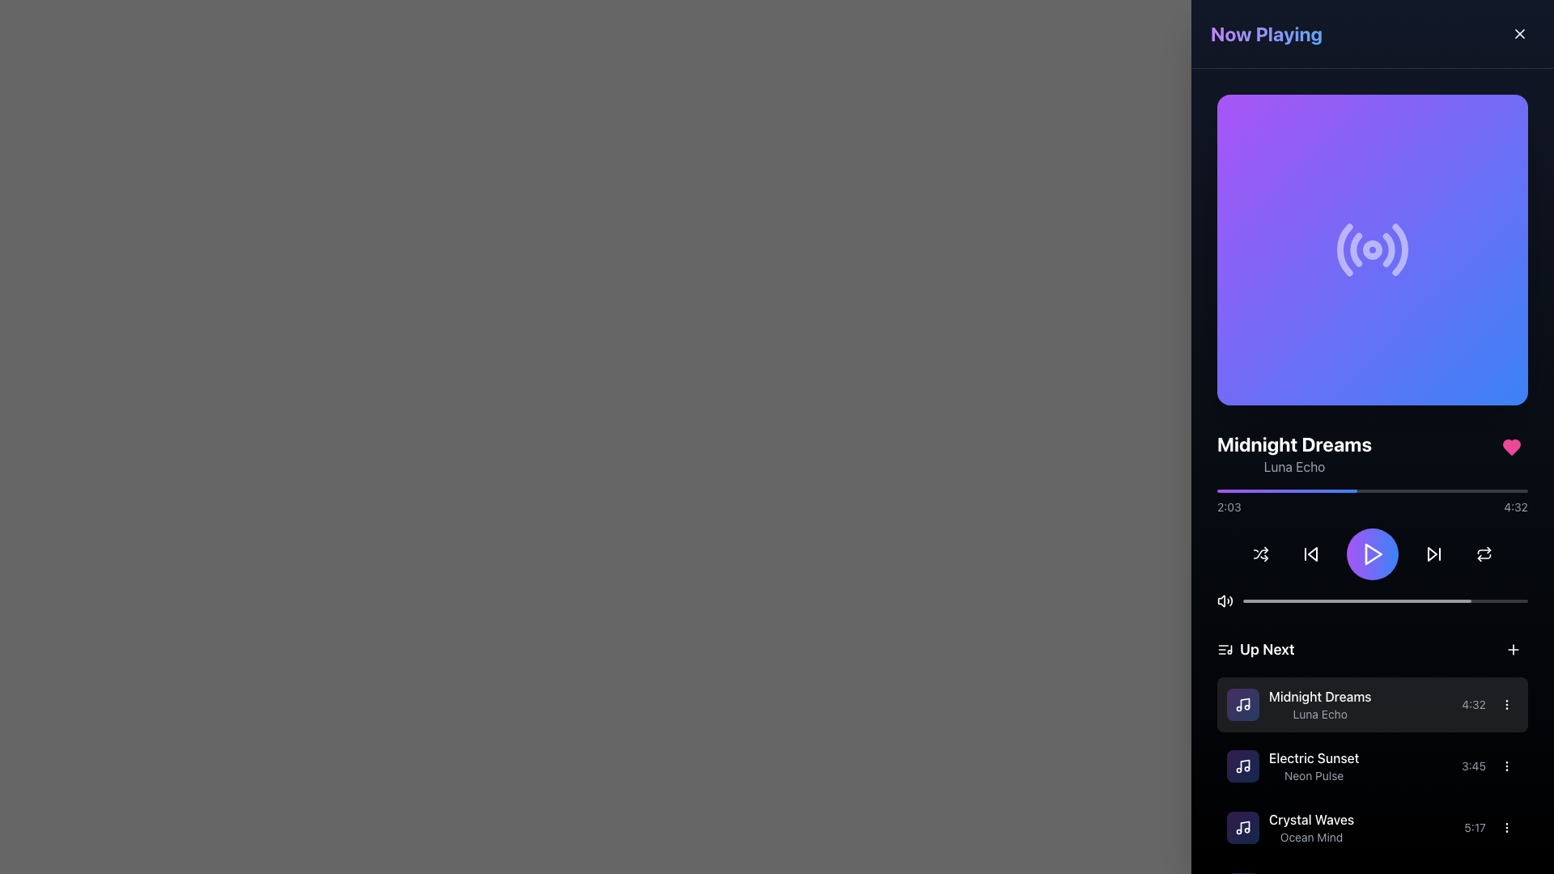 The height and width of the screenshot is (874, 1554). Describe the element at coordinates (1437, 601) in the screenshot. I see `playback position` at that location.